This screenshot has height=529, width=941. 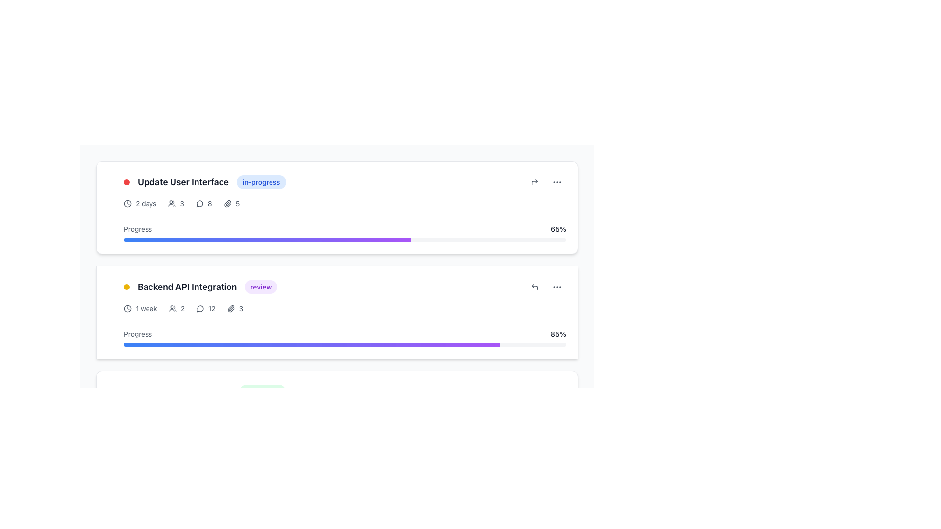 I want to click on the 'Progress' label, which displays textual content in gray color, aligned to the left above a progress bar in the task item 'Backend API Integration', so click(x=137, y=334).